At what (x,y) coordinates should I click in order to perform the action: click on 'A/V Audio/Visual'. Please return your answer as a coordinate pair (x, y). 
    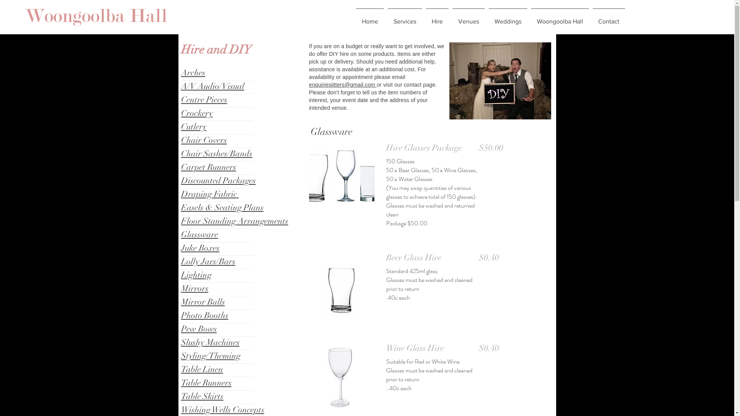
    Looking at the image, I should click on (213, 86).